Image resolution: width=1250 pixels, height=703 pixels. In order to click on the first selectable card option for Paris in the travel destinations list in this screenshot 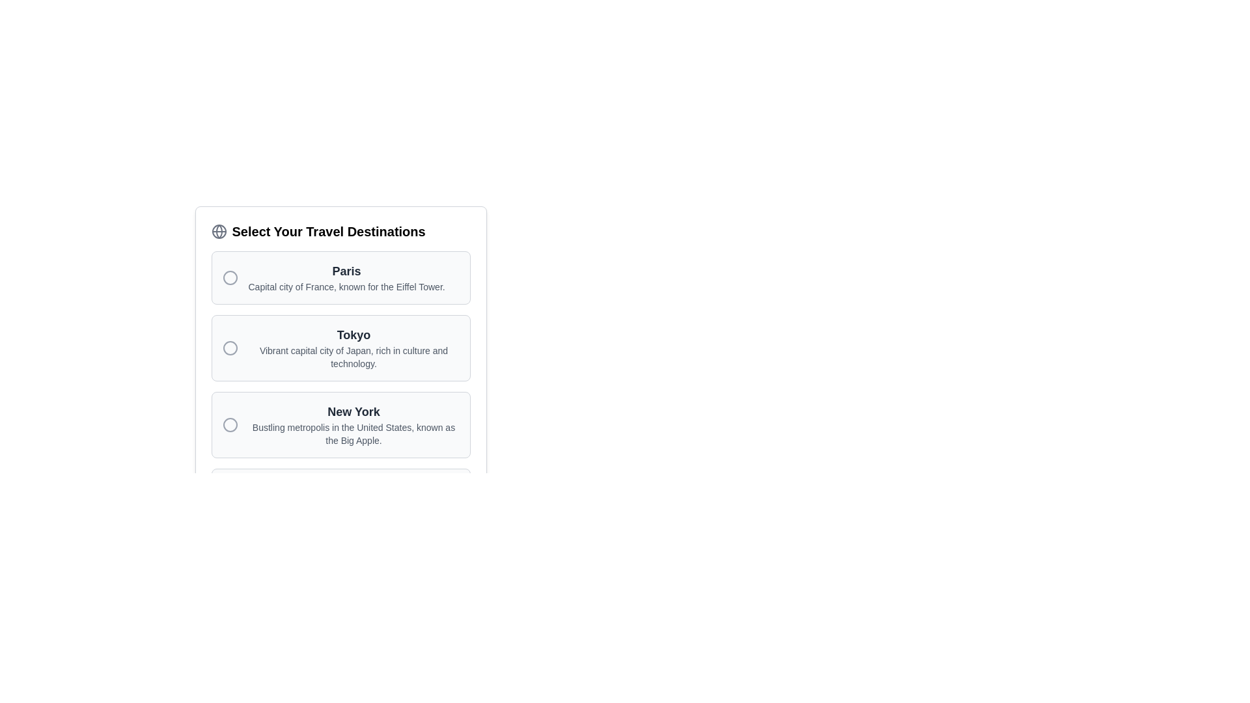, I will do `click(340, 277)`.